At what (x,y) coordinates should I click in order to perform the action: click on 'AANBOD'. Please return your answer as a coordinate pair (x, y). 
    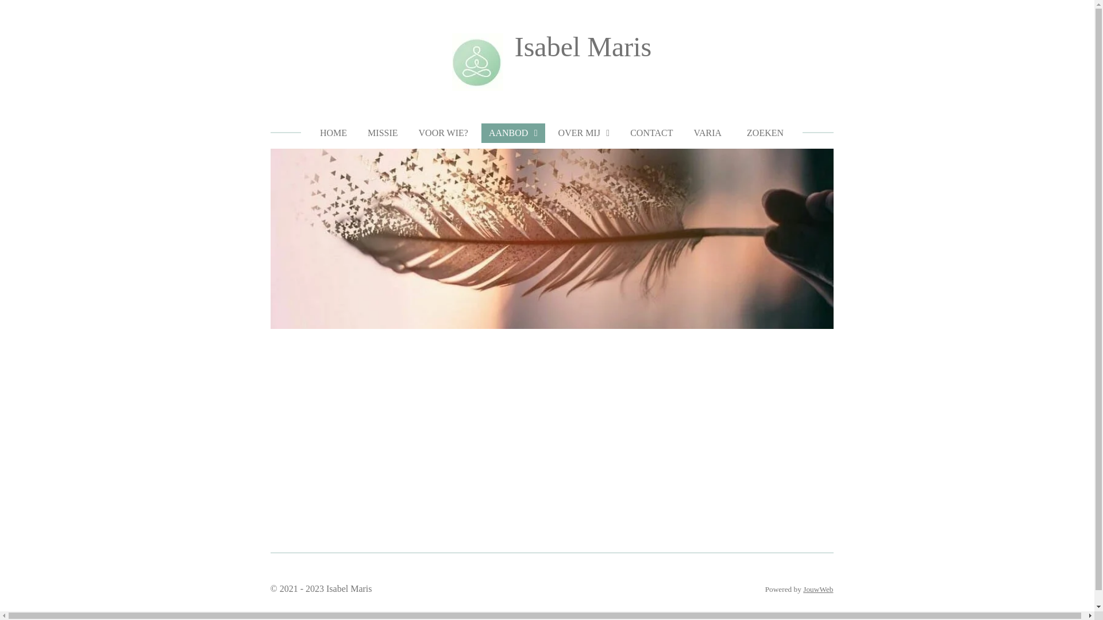
    Looking at the image, I should click on (512, 132).